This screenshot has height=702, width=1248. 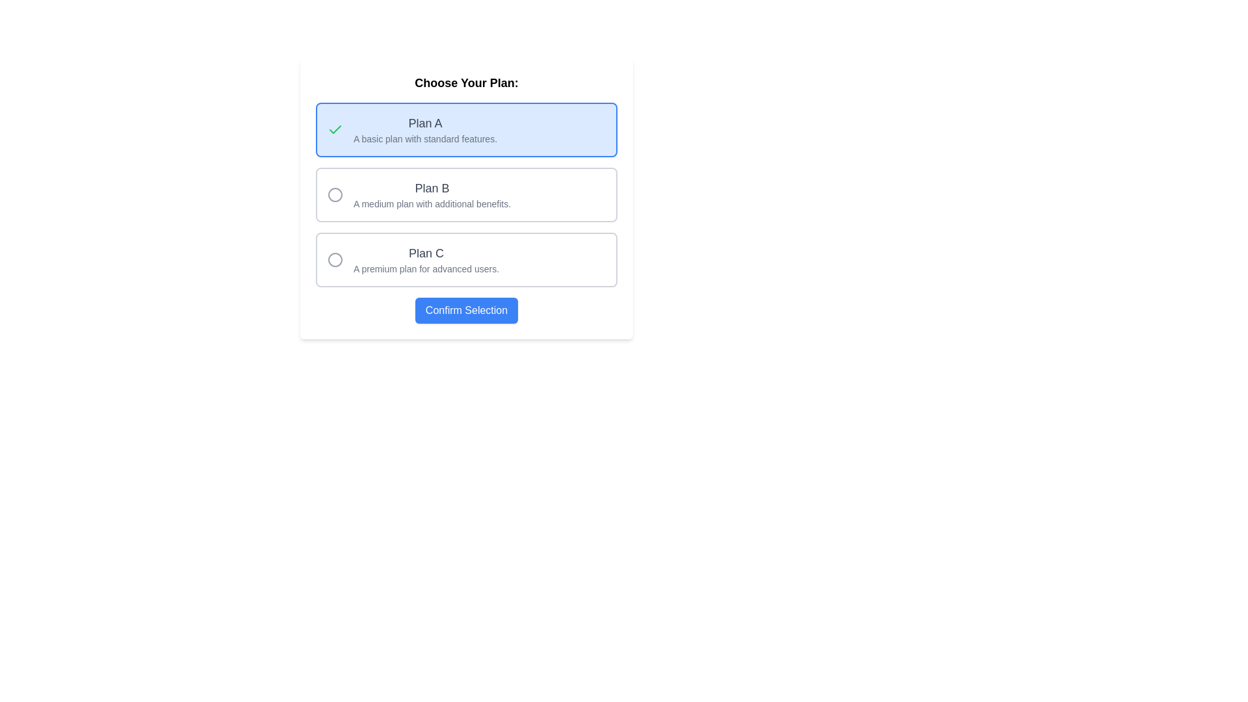 I want to click on to select the option associated with 'Plan B', which is the second option in the vertical list of selectable plans, so click(x=432, y=195).